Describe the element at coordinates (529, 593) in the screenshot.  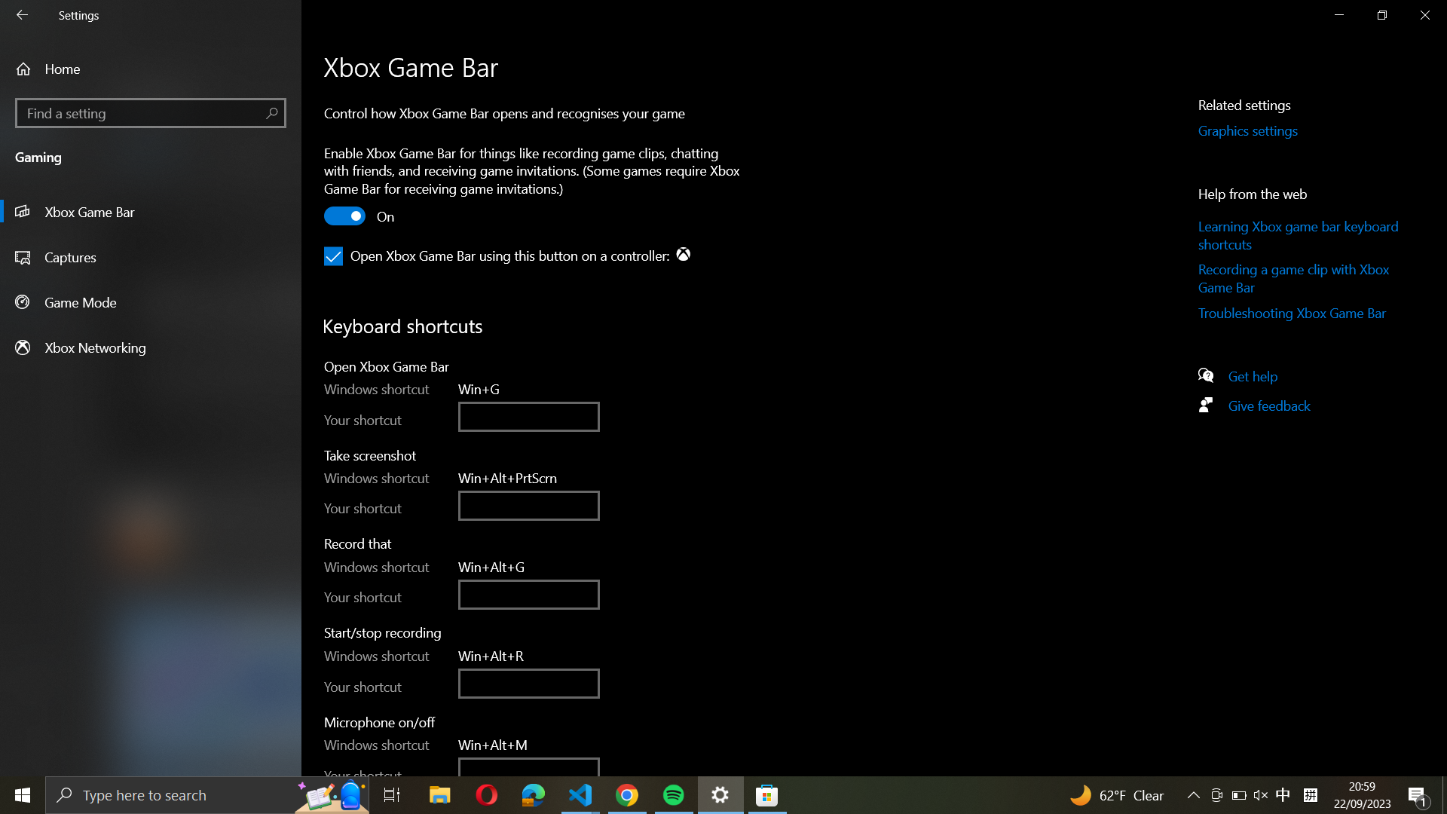
I see `Input the "Win+R" combination into the "Record that" text input field` at that location.